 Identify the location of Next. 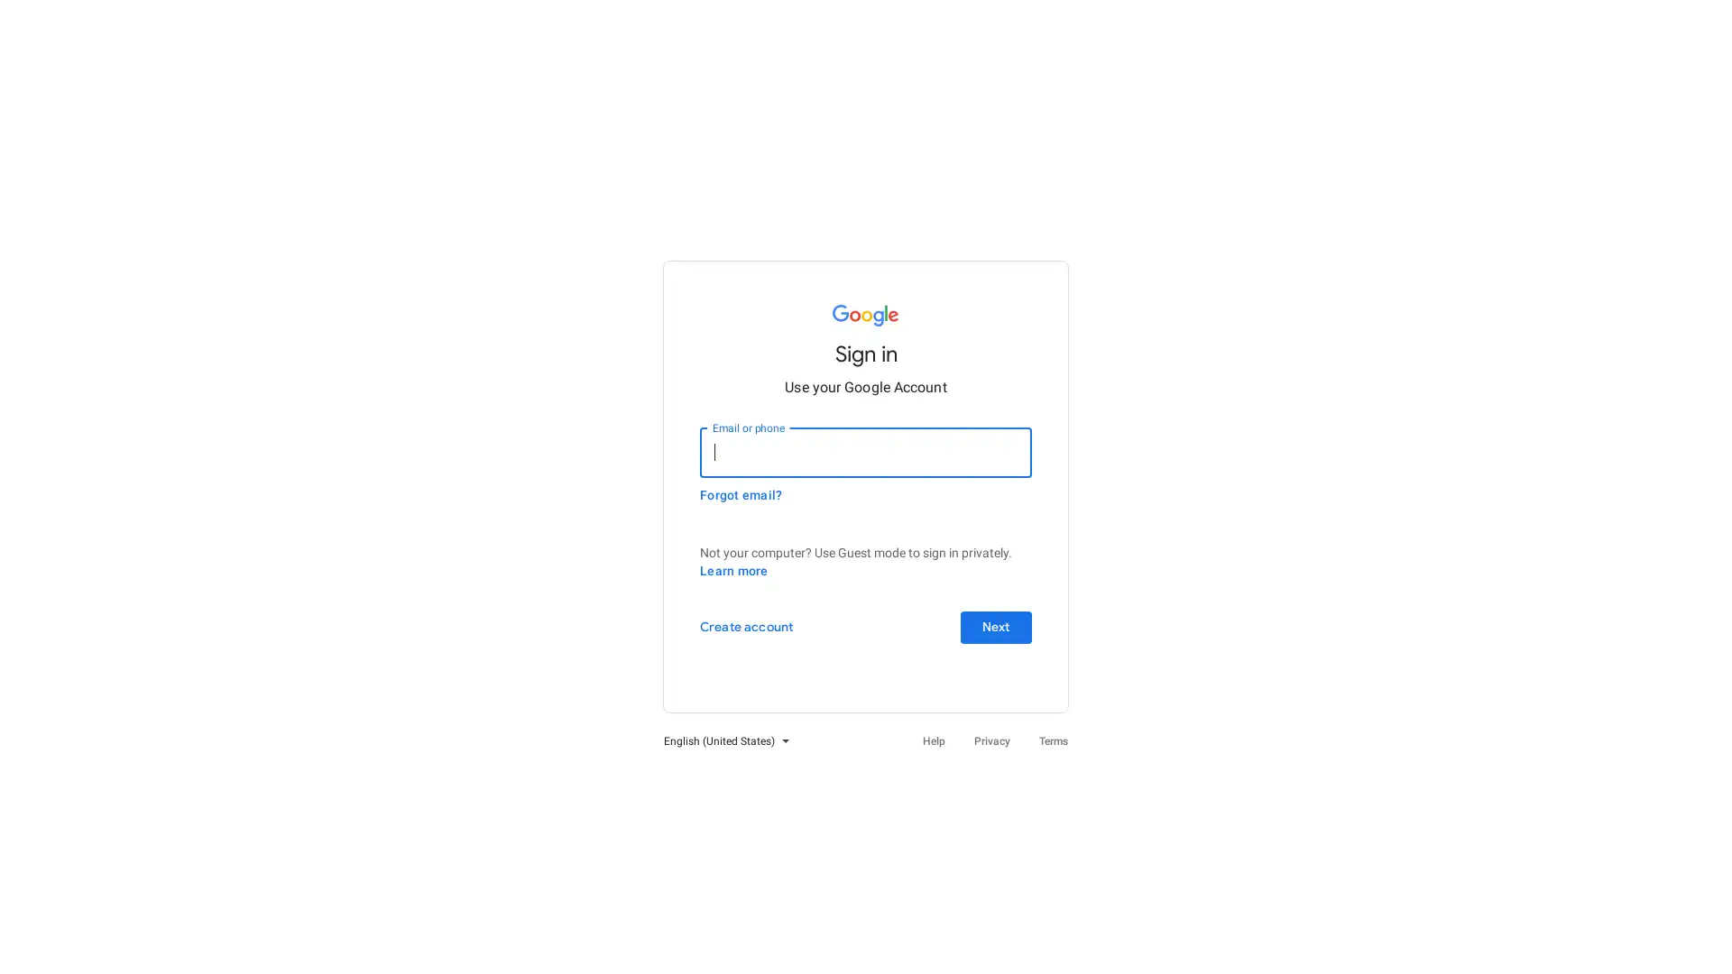
(995, 625).